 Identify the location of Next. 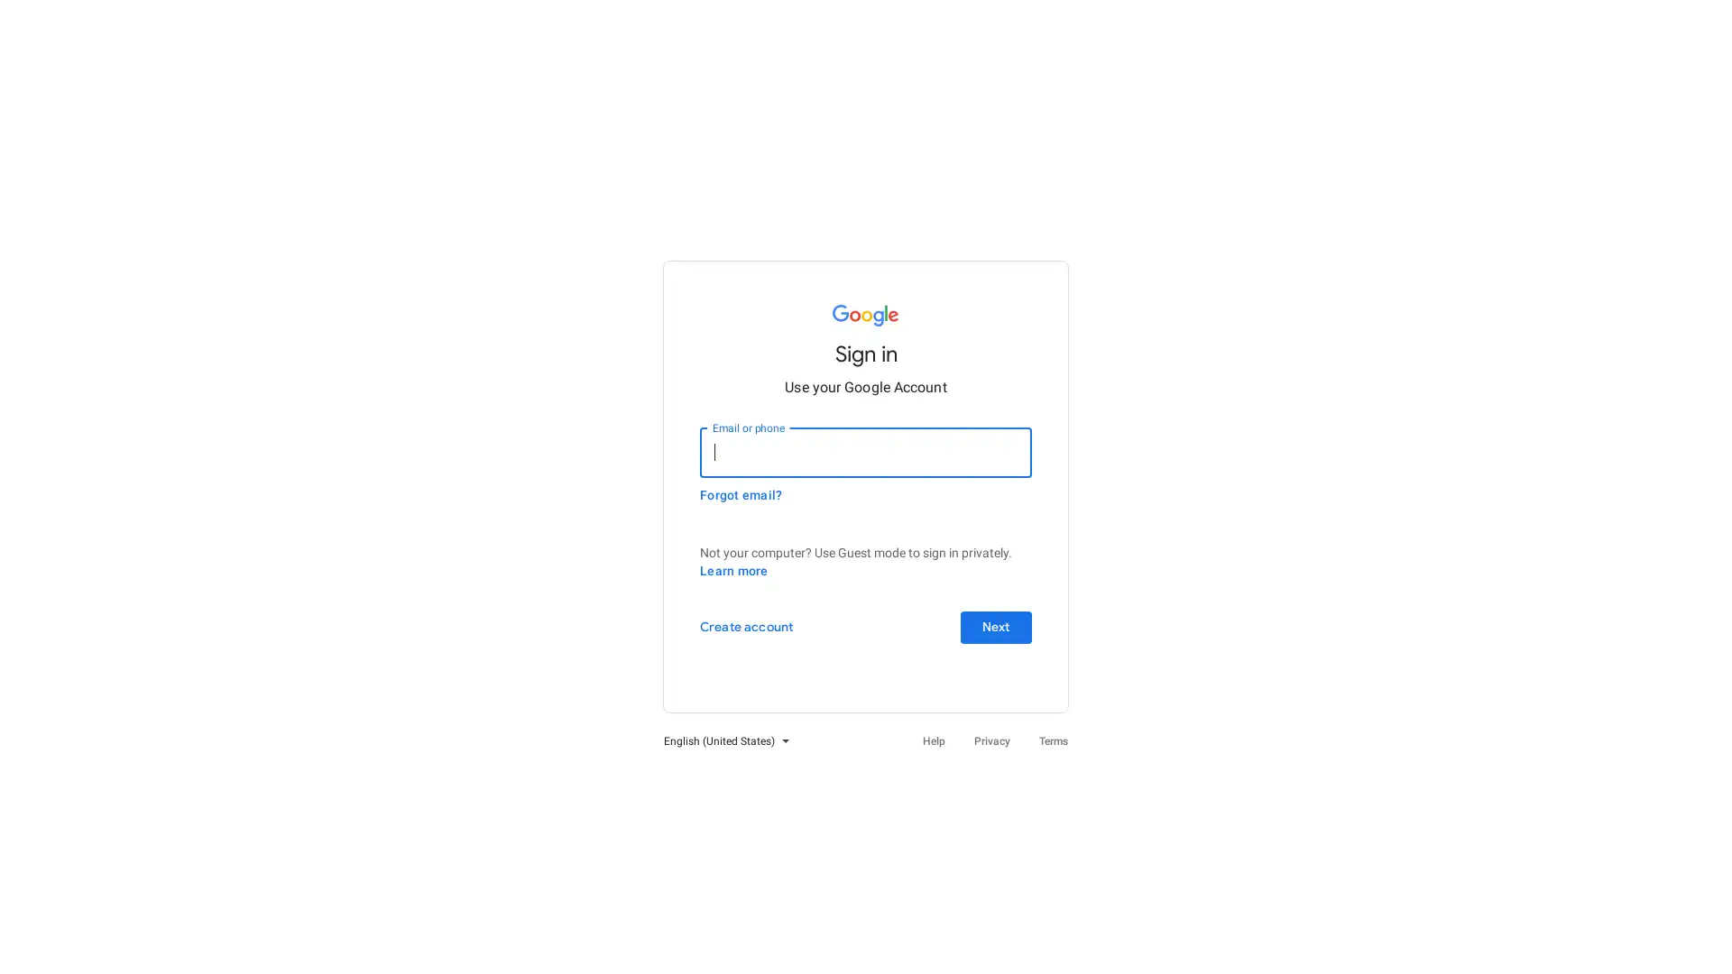
(995, 625).